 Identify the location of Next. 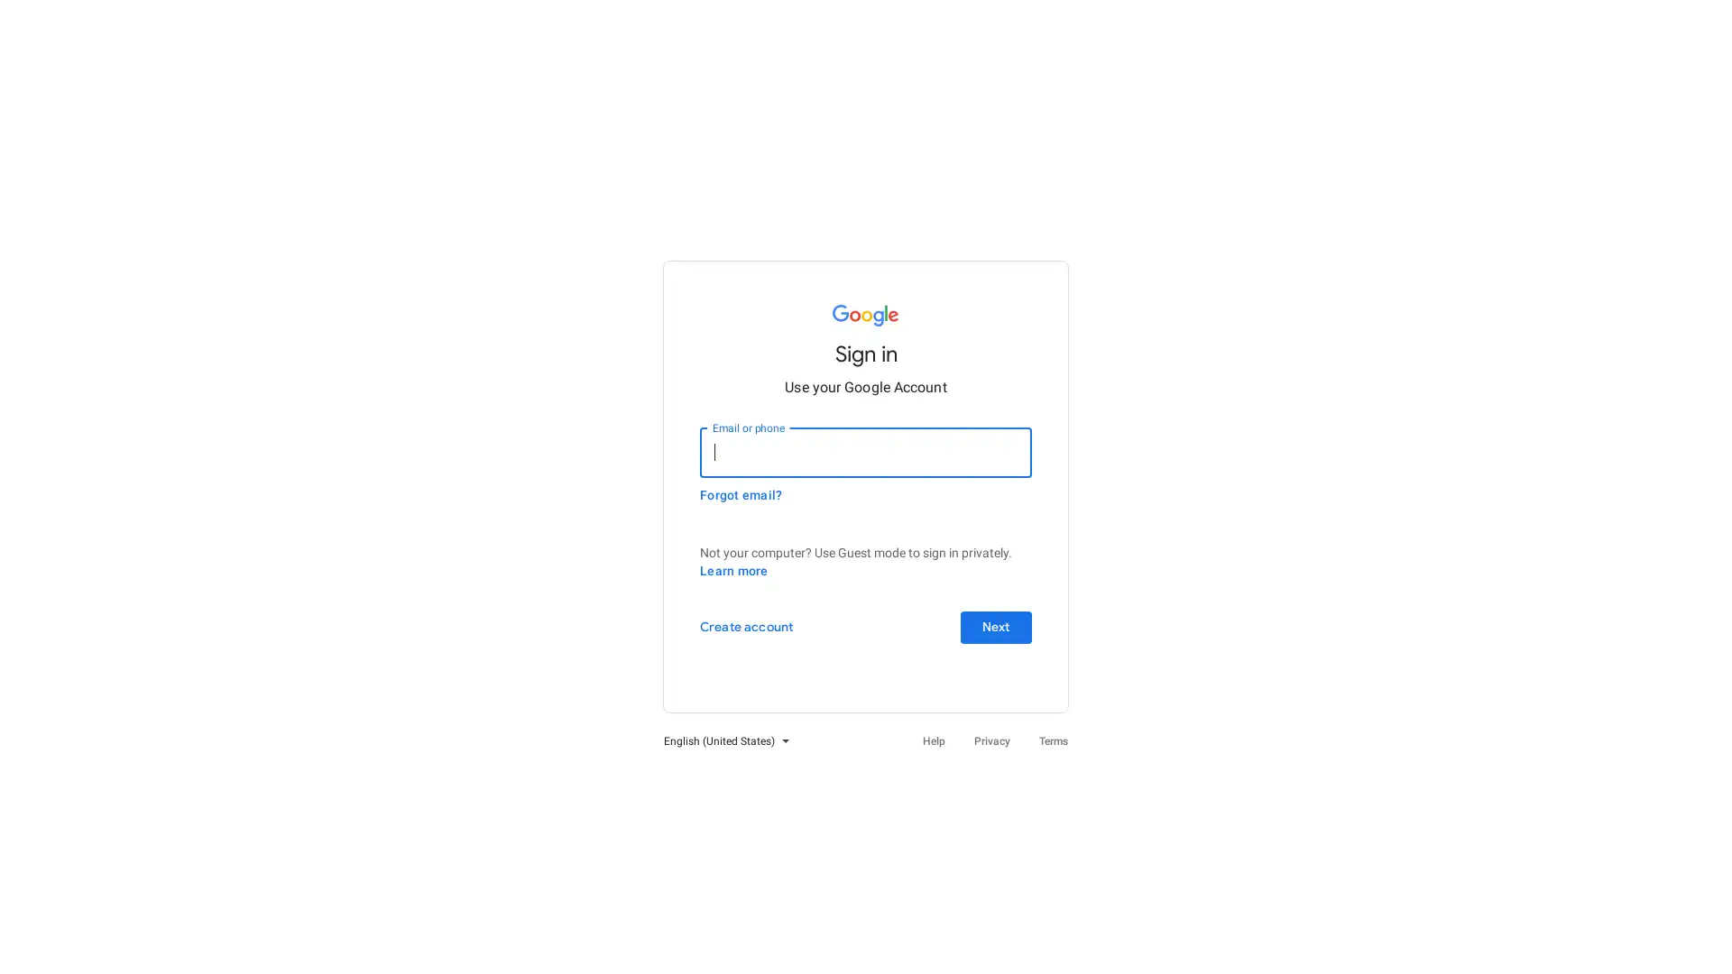
(995, 625).